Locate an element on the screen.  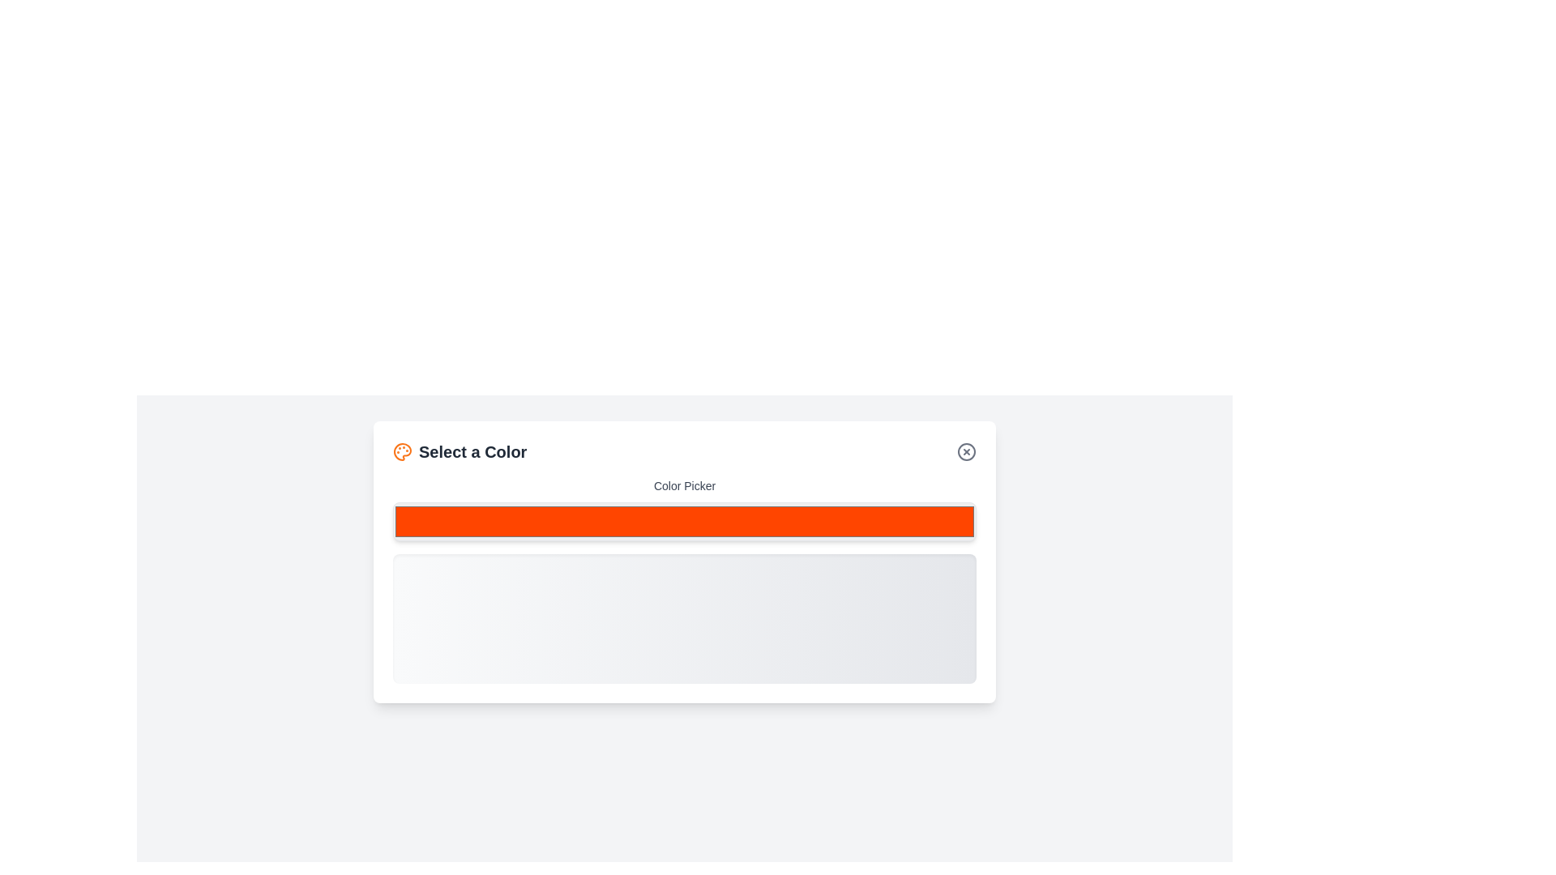
the Interactive color input or picker component located below the 'Select a Color' heading to interact with the color selection feature is located at coordinates (684, 508).